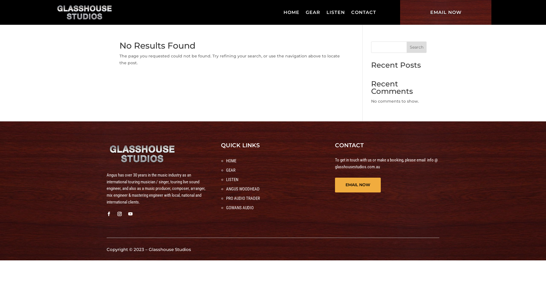 The width and height of the screenshot is (546, 307). What do you see at coordinates (351, 12) in the screenshot?
I see `'CONTACT'` at bounding box center [351, 12].